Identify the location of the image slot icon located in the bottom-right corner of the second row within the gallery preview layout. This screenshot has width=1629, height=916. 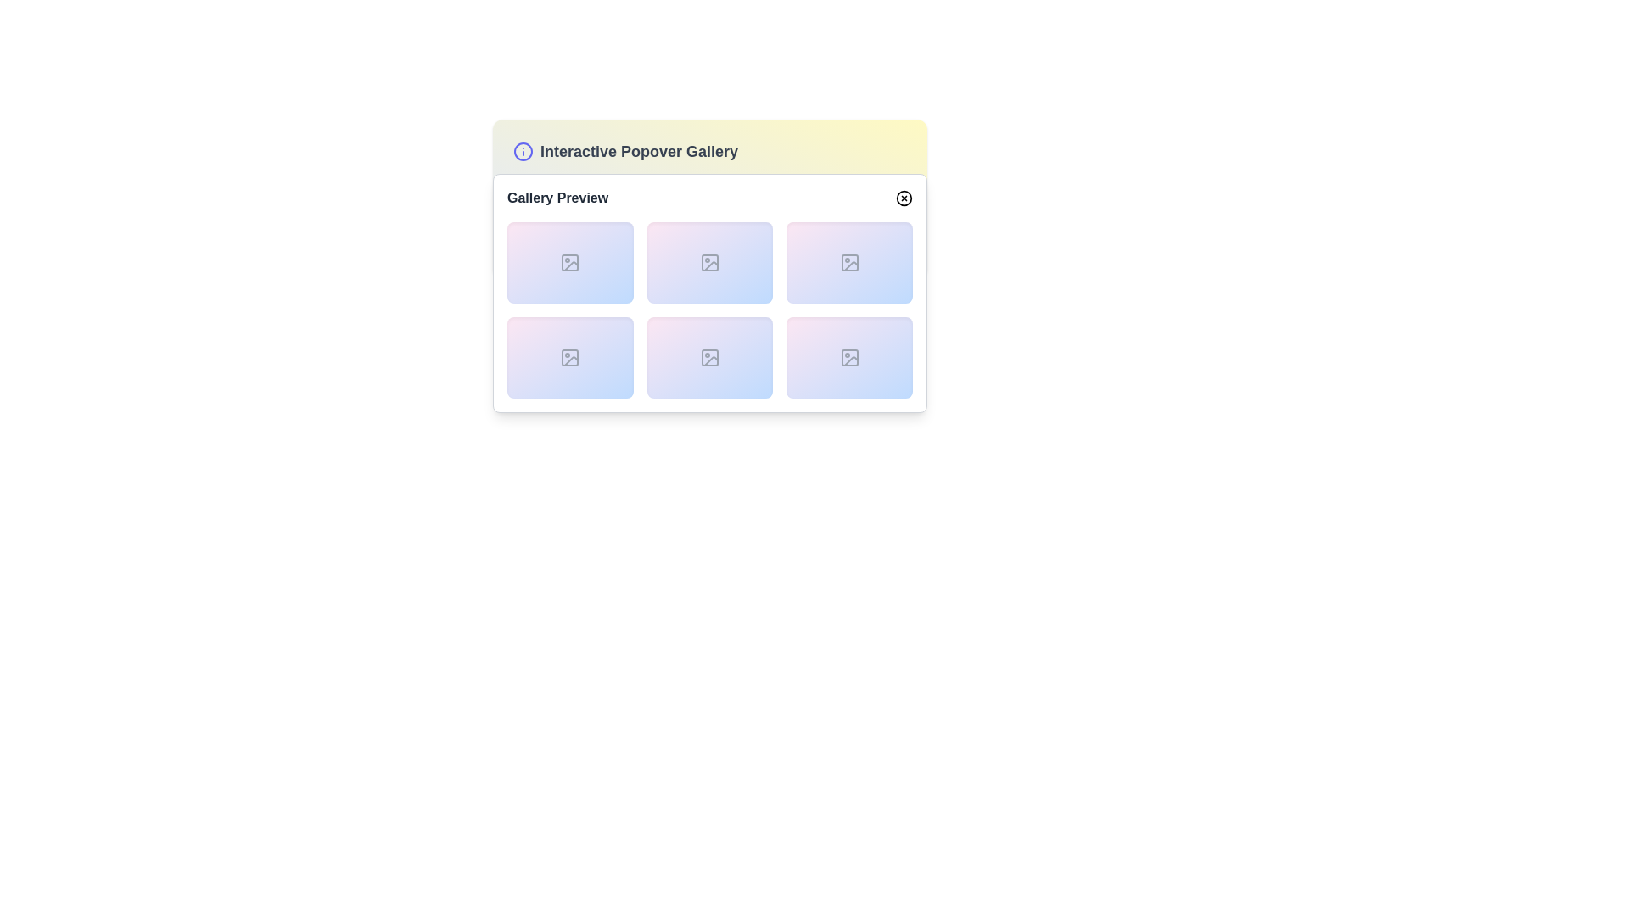
(849, 356).